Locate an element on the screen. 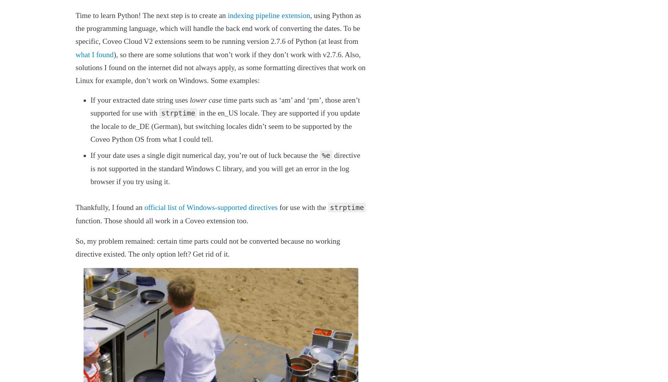 The width and height of the screenshot is (668, 382). 'in the en_US locale. They are supported if you update the locale to de_DE (German), but switching locales didn’t seem to be supported by the Coveo Python OS from what I could tell.' is located at coordinates (225, 125).